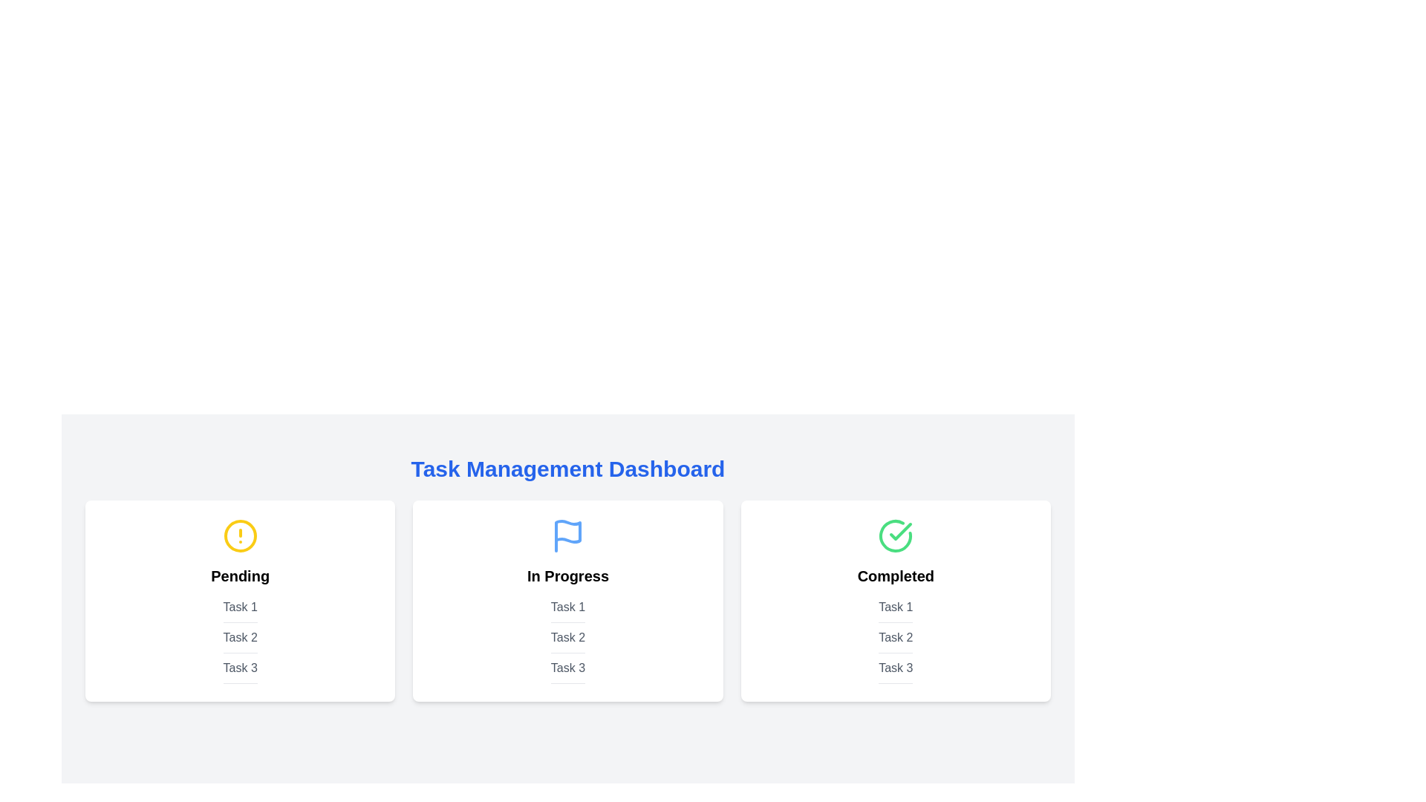  I want to click on the alert icon located at the top of the 'Pending' card on the dashboard to acknowledge the status, so click(240, 535).